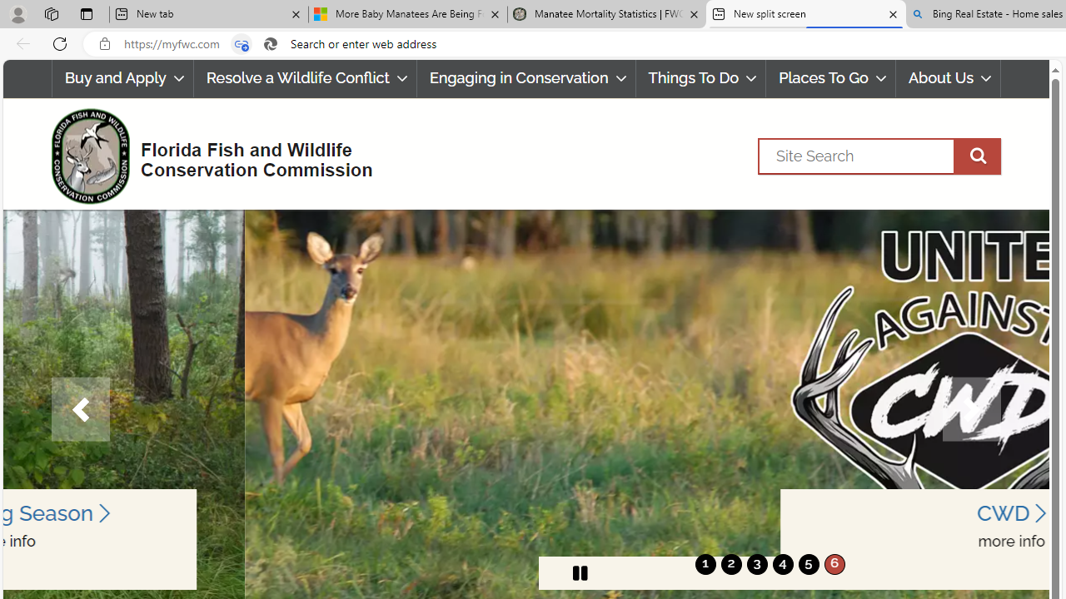  I want to click on '1', so click(705, 563).